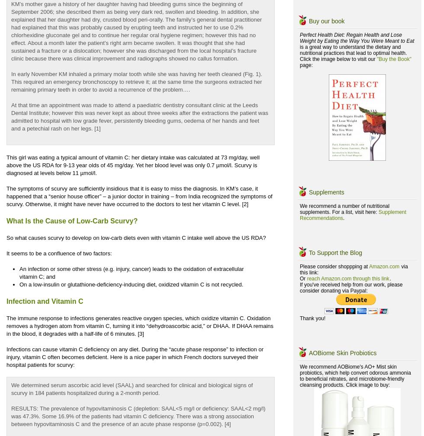  What do you see at coordinates (384, 267) in the screenshot?
I see `'Amazon.com'` at bounding box center [384, 267].